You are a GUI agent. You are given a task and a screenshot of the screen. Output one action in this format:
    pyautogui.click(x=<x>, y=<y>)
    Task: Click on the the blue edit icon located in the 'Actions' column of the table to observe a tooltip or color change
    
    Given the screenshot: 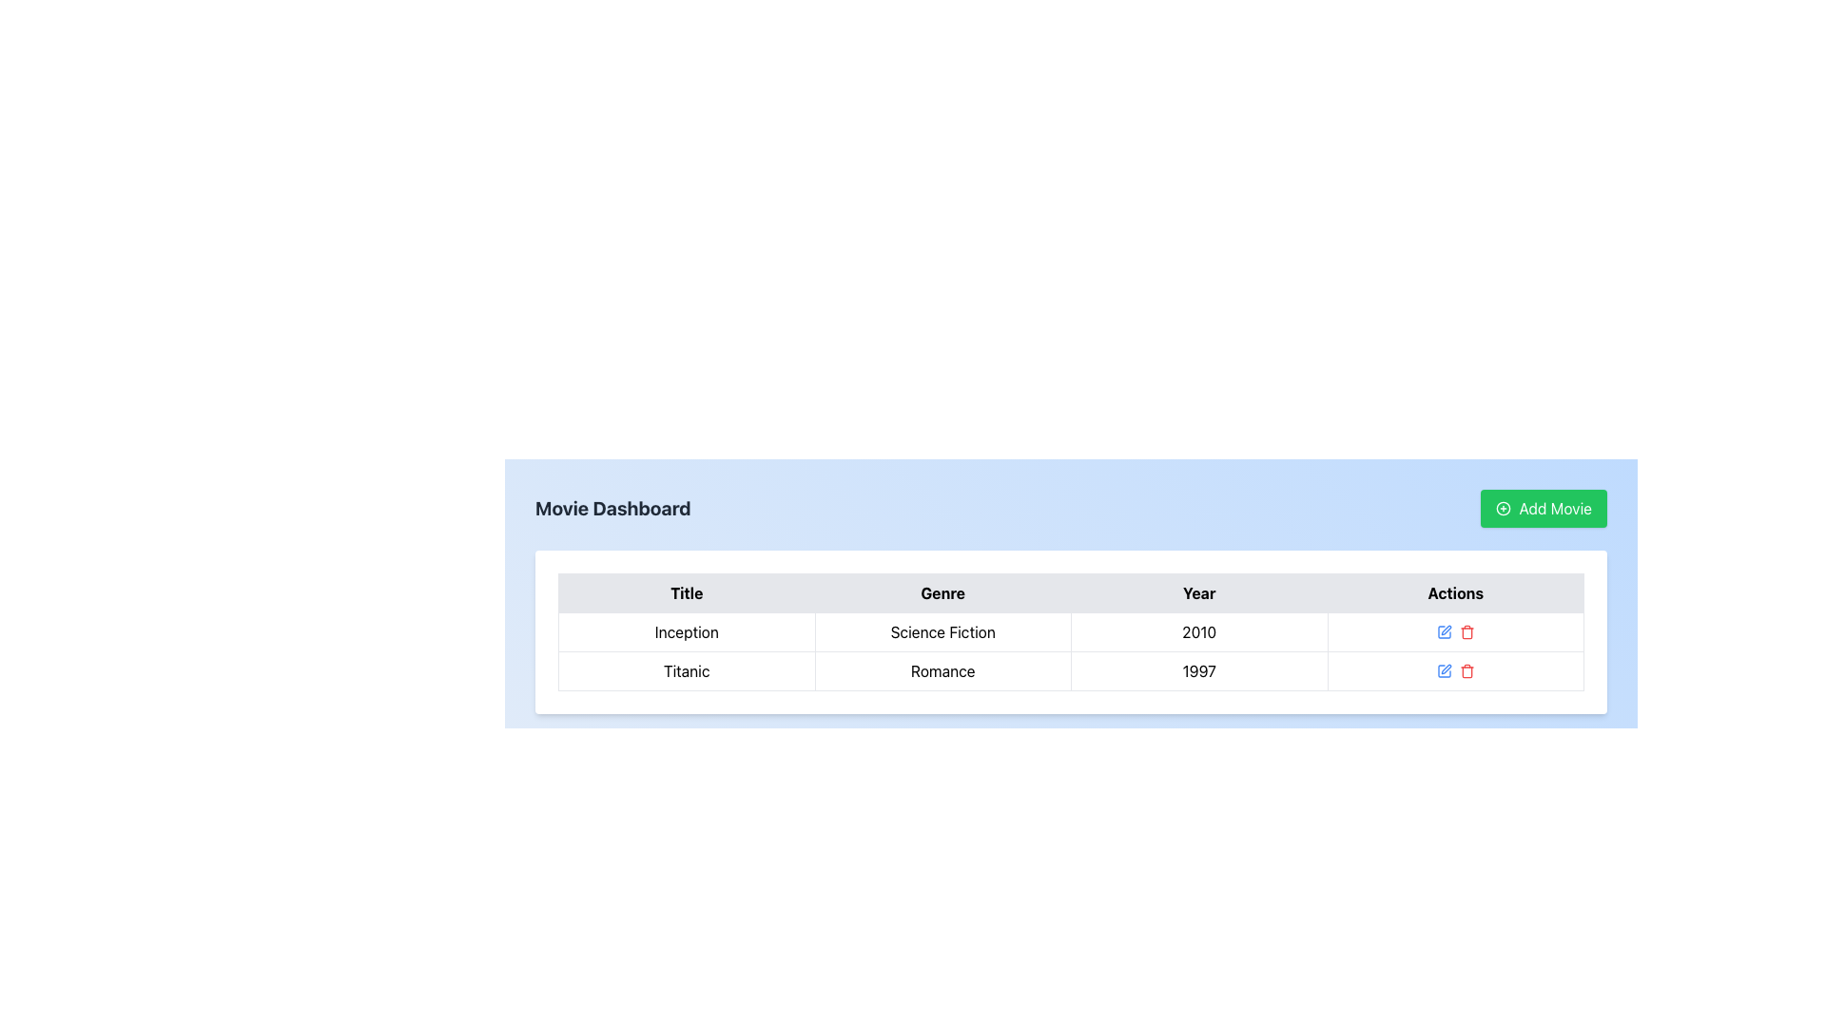 What is the action you would take?
    pyautogui.click(x=1444, y=669)
    